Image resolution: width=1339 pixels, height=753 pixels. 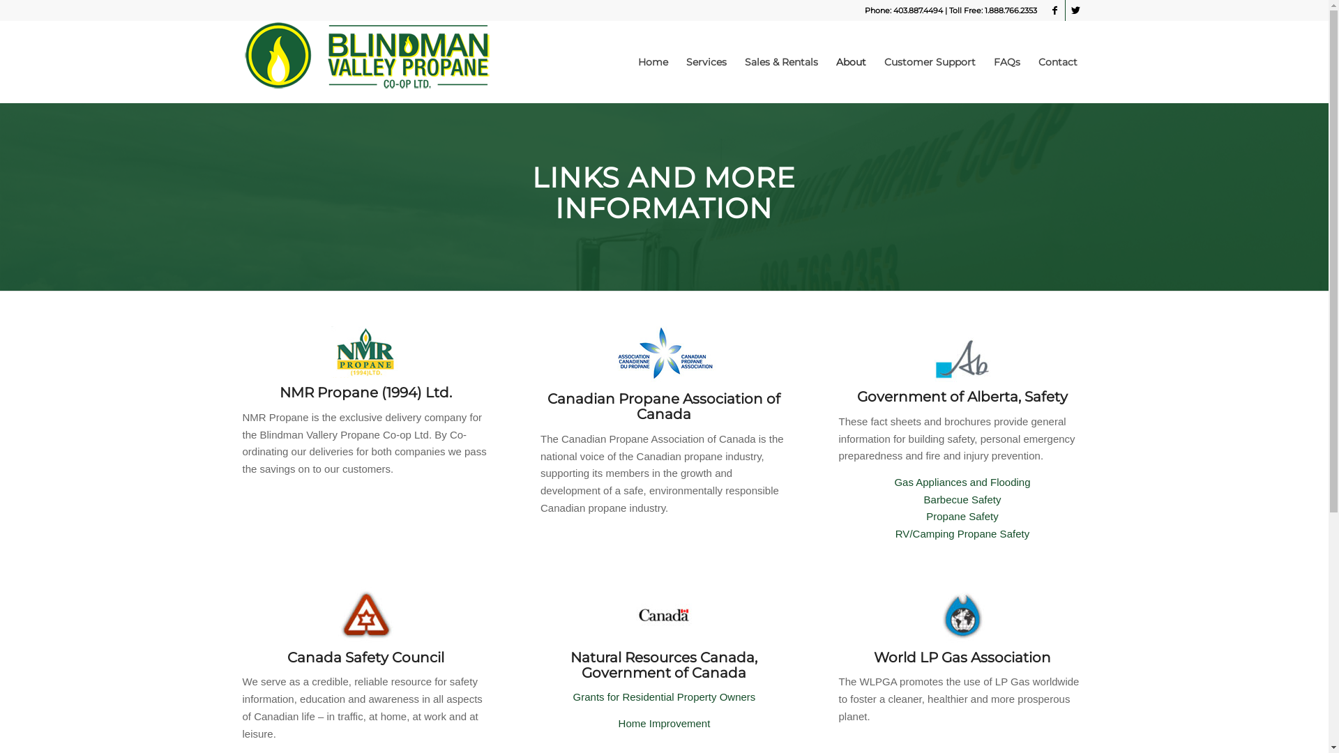 I want to click on 'Contact', so click(x=1057, y=61).